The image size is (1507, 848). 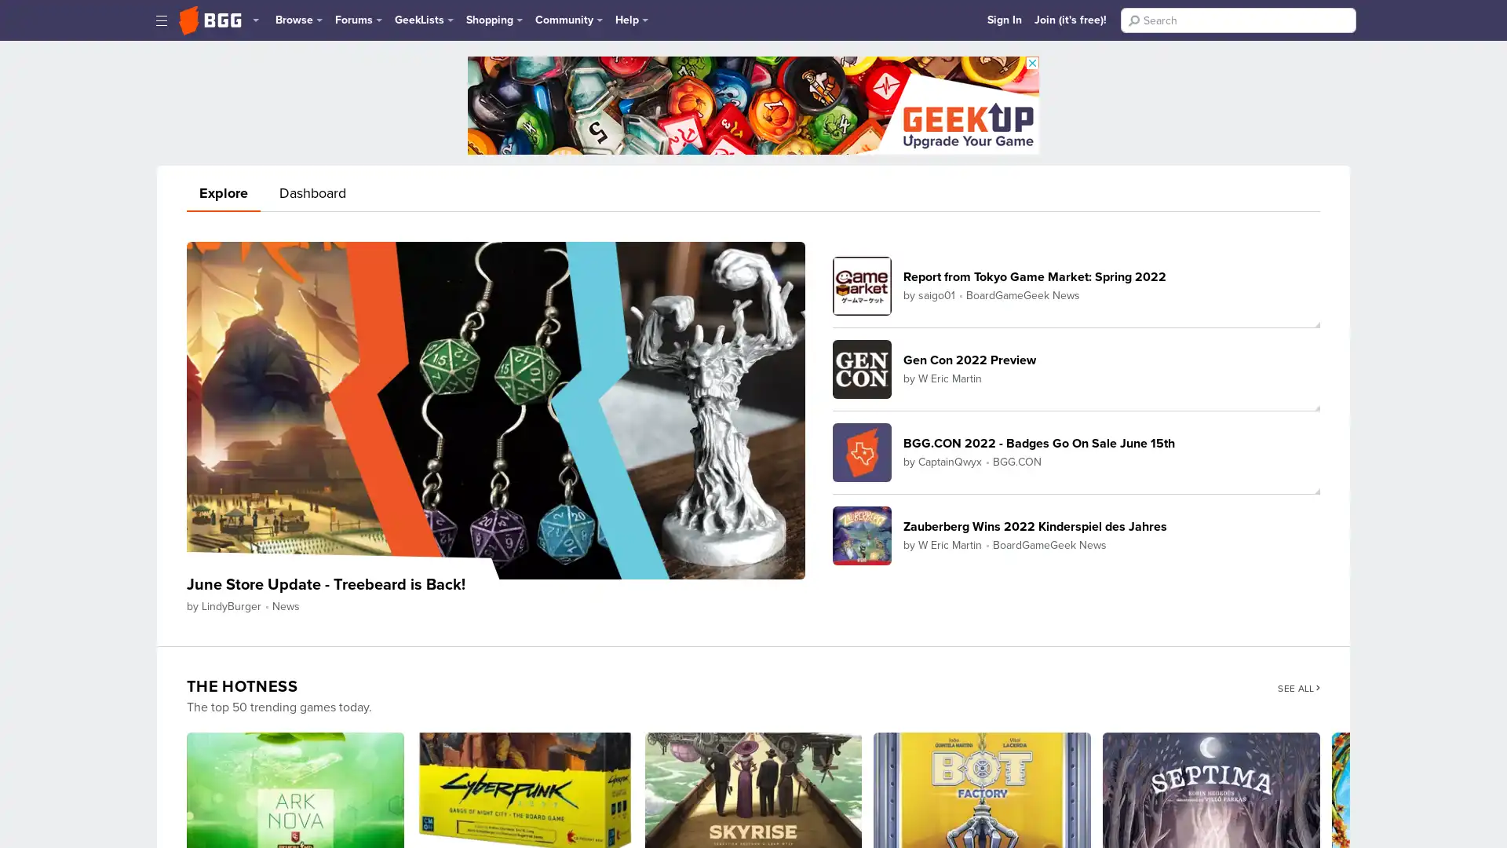 I want to click on Community, so click(x=567, y=20).